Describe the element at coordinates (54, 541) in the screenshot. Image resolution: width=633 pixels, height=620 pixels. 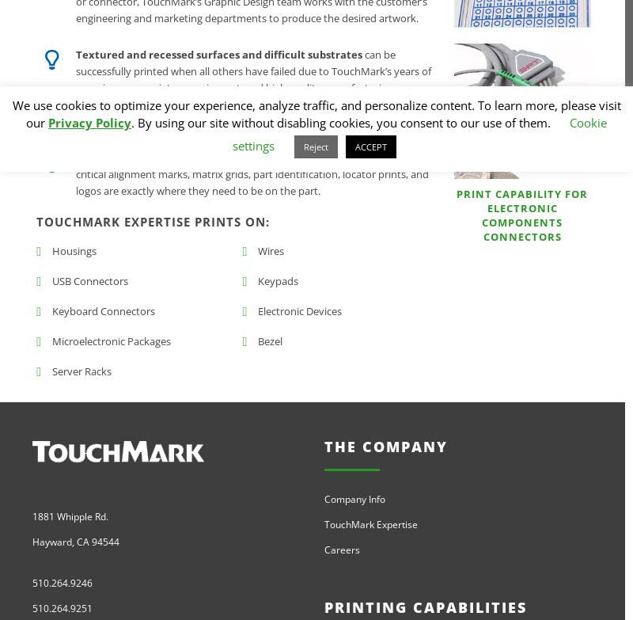
I see `'Hayward,'` at that location.